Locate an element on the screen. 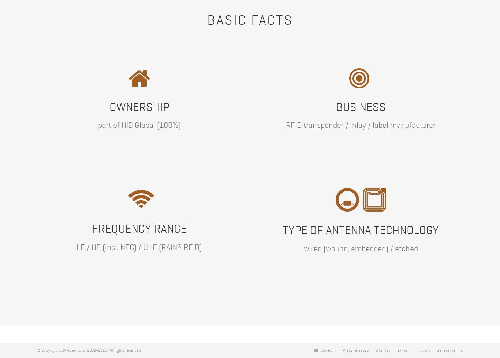  'part of HID Global (100%)' is located at coordinates (139, 125).